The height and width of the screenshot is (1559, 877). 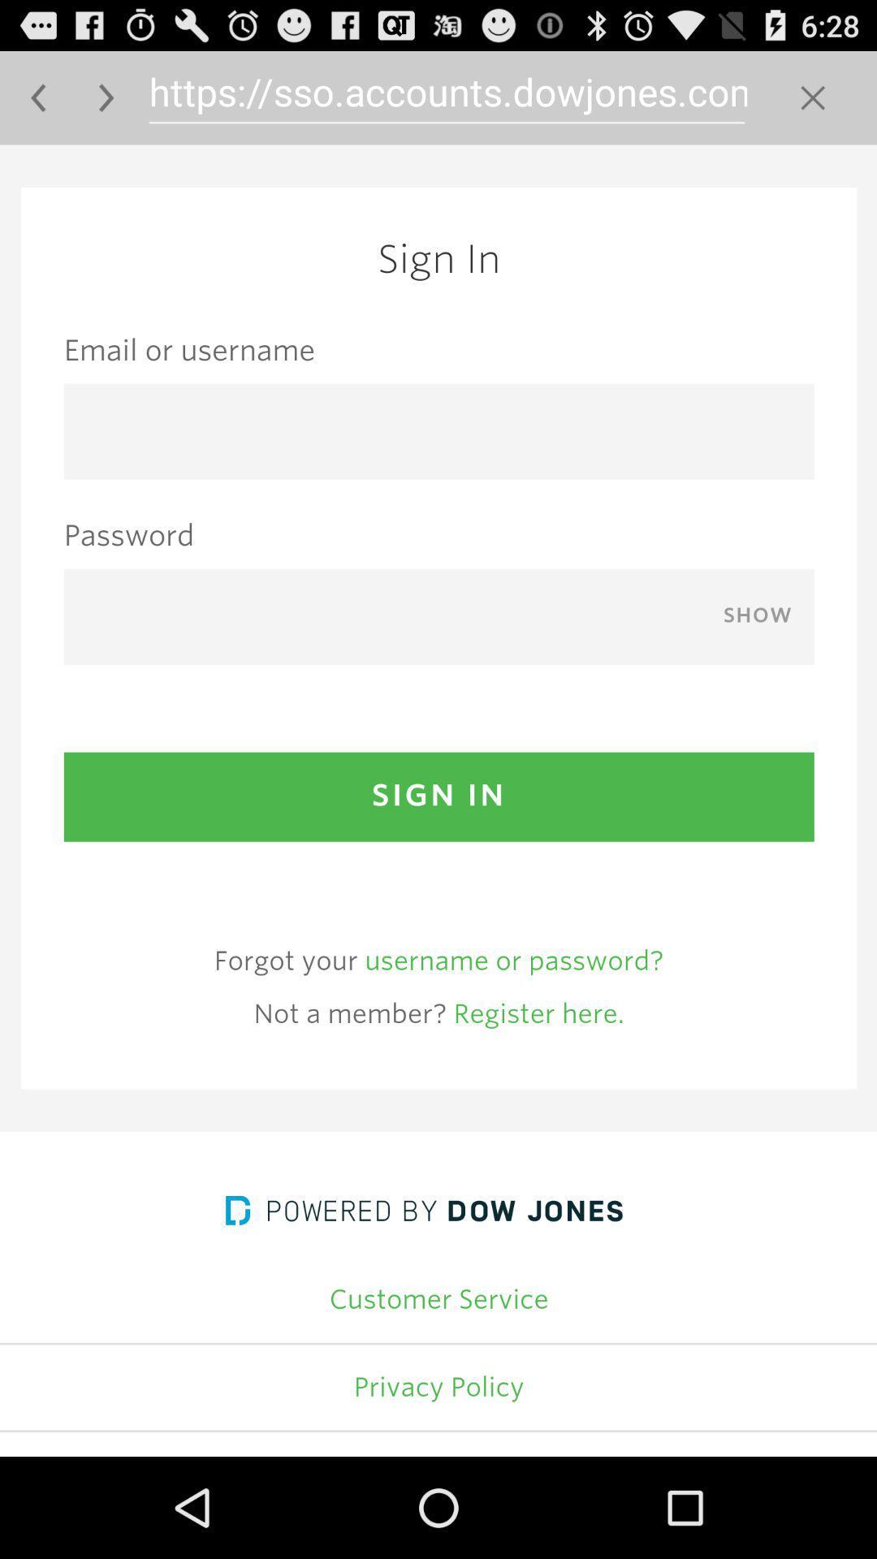 I want to click on description, so click(x=438, y=801).